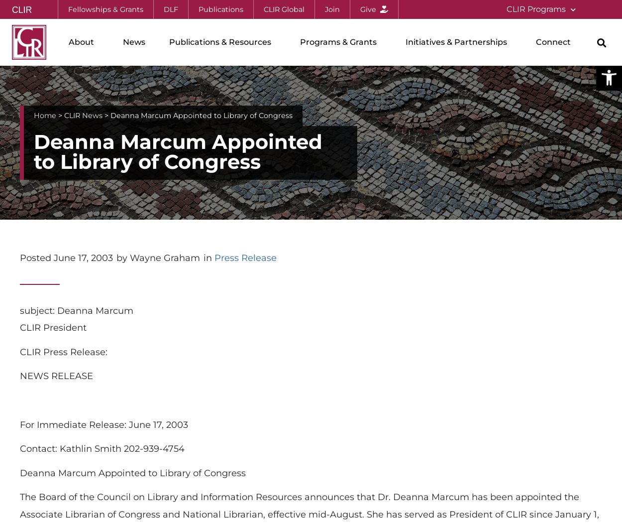 The width and height of the screenshot is (622, 526). What do you see at coordinates (105, 9) in the screenshot?
I see `'Fellowships & Grants'` at bounding box center [105, 9].